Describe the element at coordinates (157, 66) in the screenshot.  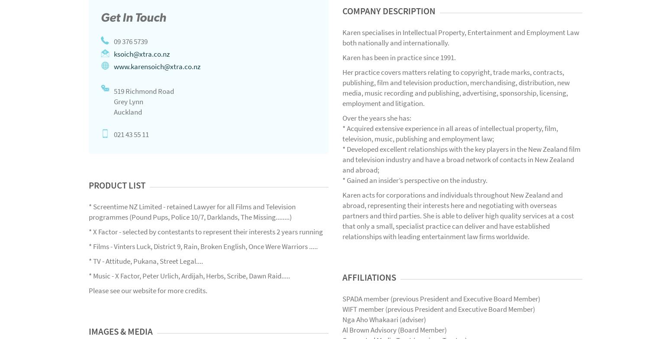
I see `'www.karensoich@xtra.co.nz'` at that location.